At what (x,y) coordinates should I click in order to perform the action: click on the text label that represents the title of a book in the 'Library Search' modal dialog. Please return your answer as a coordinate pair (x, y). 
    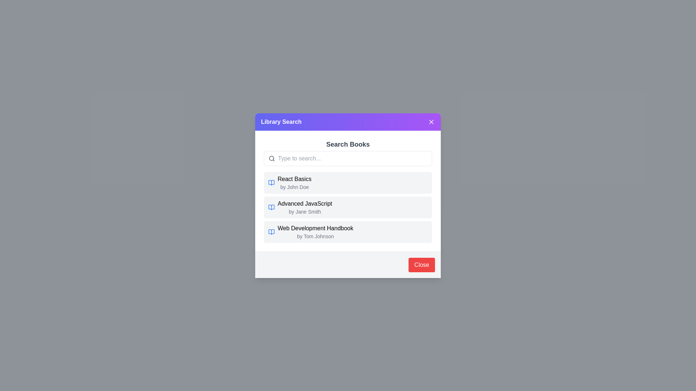
    Looking at the image, I should click on (305, 203).